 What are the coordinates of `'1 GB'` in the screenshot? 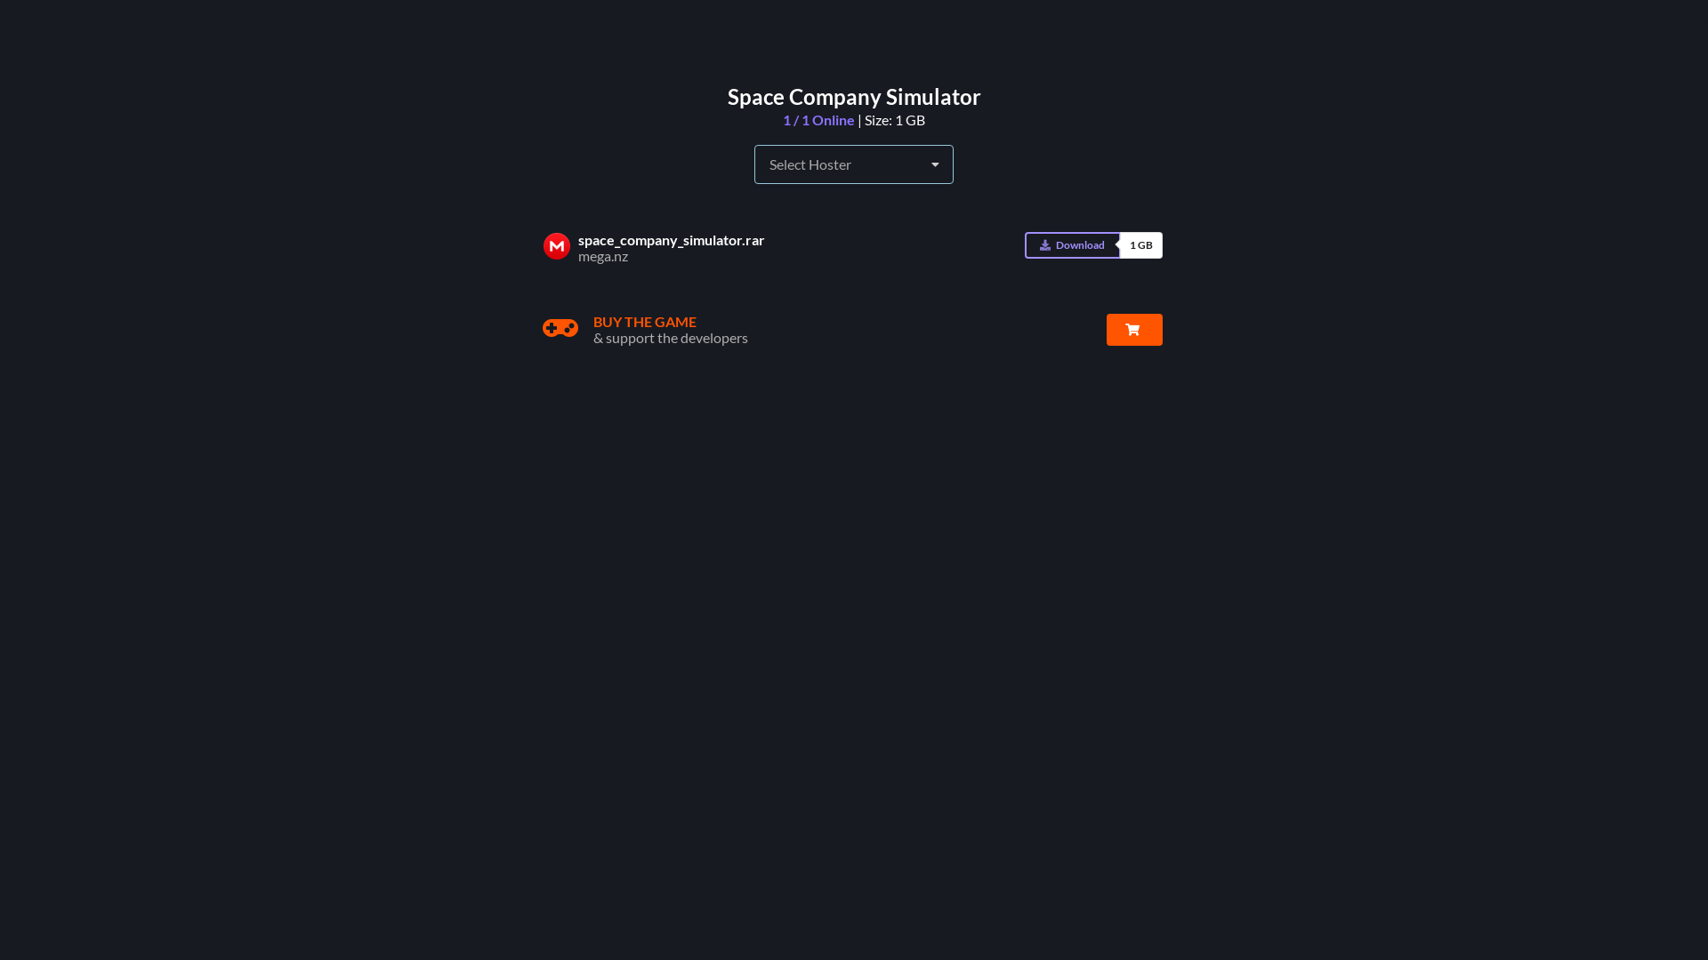 It's located at (1118, 245).